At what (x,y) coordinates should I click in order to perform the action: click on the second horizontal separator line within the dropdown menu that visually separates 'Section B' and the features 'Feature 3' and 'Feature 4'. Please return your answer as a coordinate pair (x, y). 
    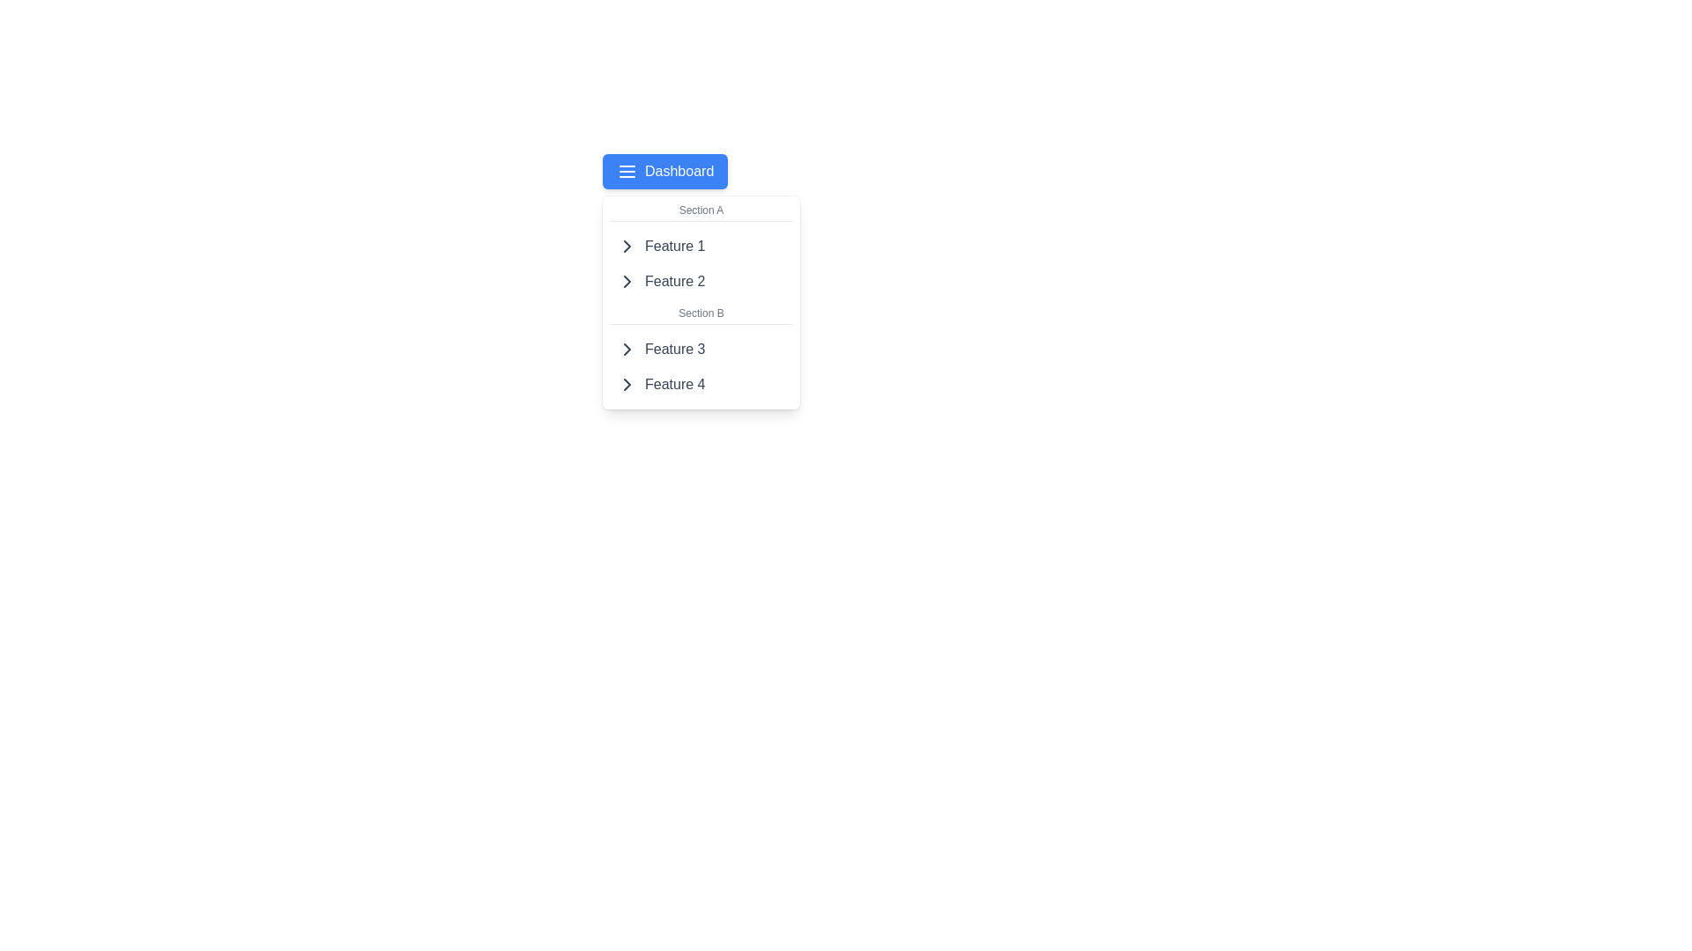
    Looking at the image, I should click on (701, 323).